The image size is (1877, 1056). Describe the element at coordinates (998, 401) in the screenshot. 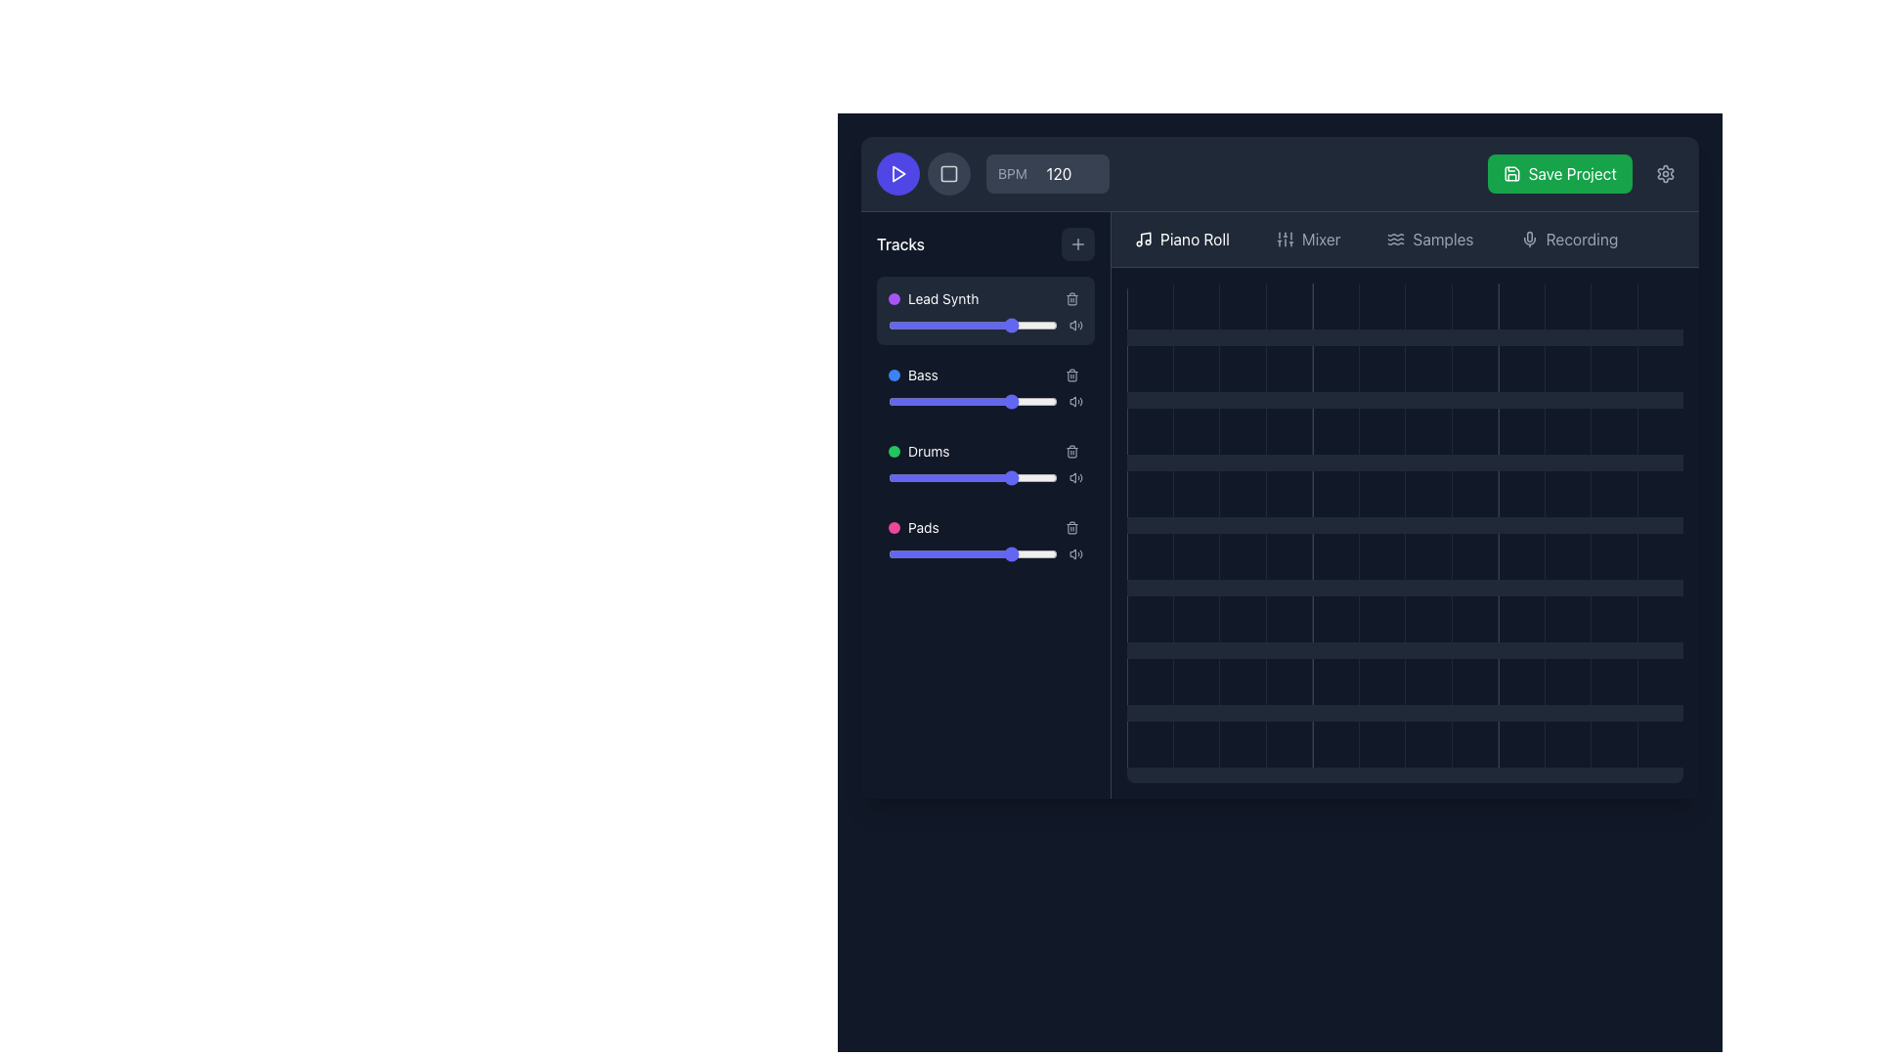

I see `the slider` at that location.